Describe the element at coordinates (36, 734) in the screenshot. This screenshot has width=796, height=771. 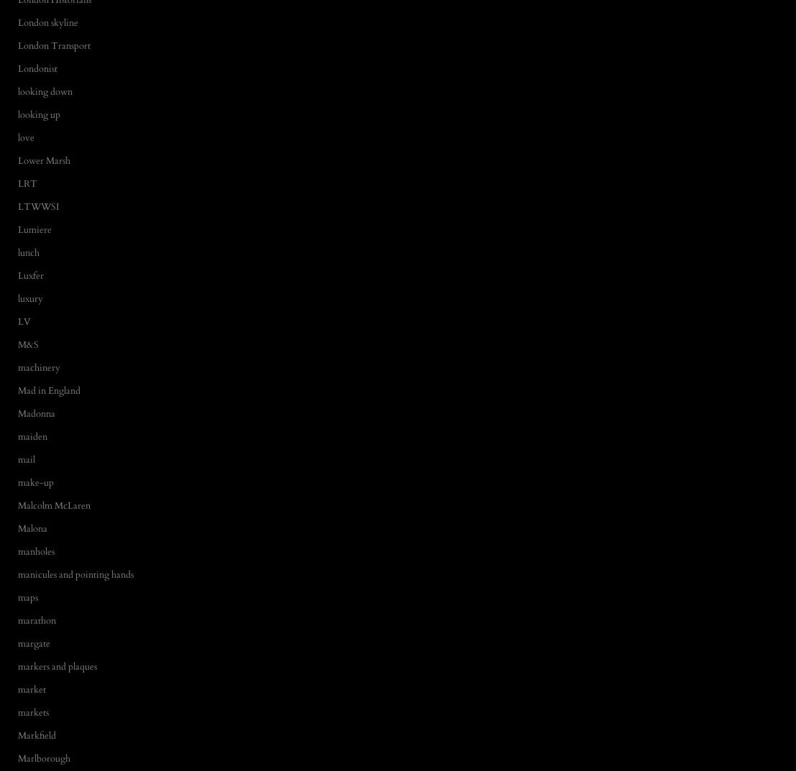
I see `'Markfield'` at that location.